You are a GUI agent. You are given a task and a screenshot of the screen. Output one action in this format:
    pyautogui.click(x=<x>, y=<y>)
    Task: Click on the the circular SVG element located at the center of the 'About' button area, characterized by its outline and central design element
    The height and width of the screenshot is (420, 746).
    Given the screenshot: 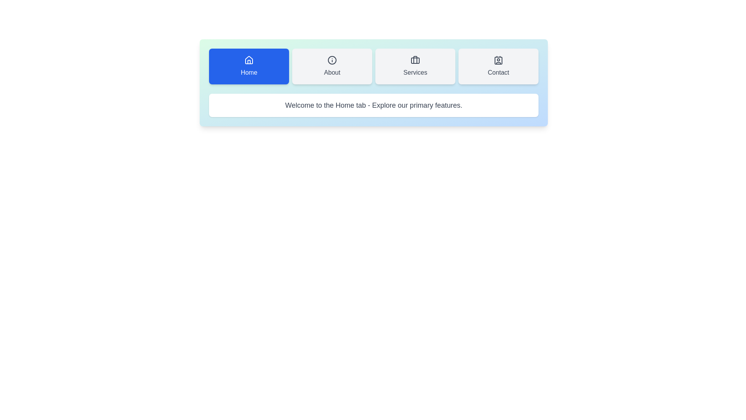 What is the action you would take?
    pyautogui.click(x=332, y=59)
    